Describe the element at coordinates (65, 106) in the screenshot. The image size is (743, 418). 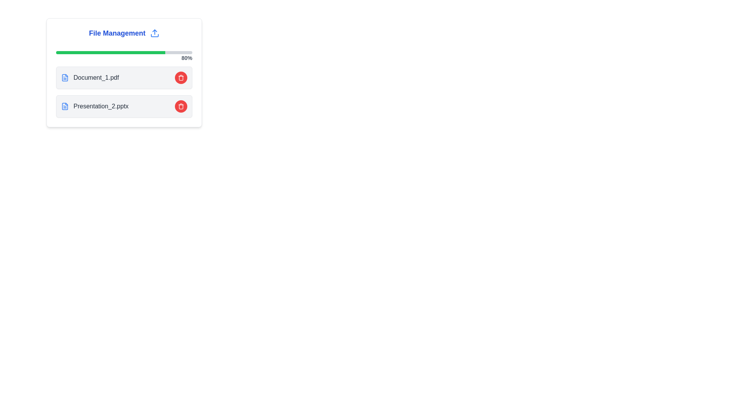
I see `the document file icon styled in blue, located to the left of the text 'Presentation_2.pptx'` at that location.